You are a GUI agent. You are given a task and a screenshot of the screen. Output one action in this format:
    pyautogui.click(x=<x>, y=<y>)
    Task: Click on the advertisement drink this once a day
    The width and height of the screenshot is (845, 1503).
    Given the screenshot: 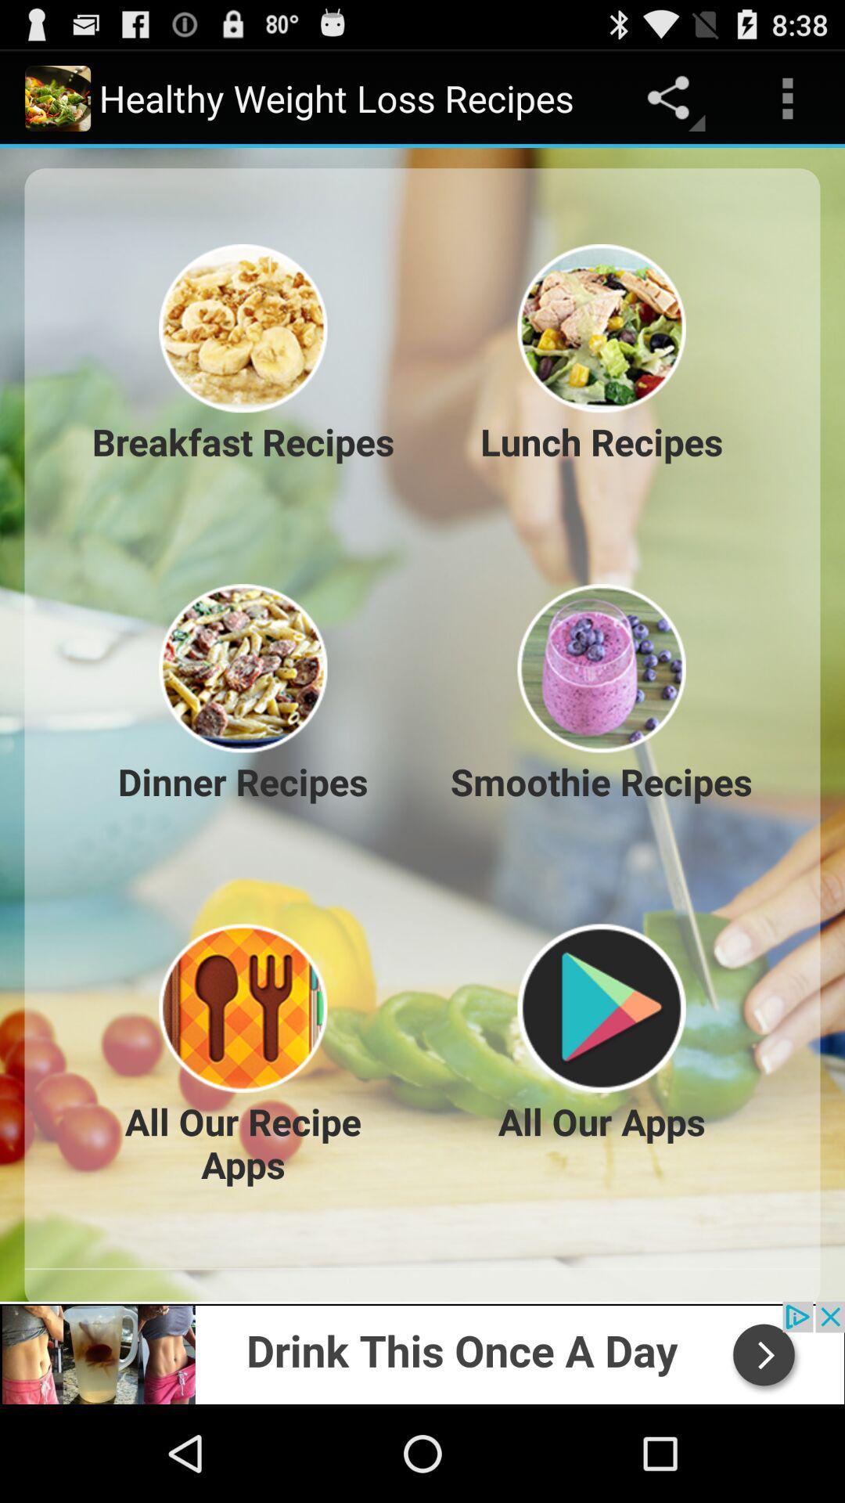 What is the action you would take?
    pyautogui.click(x=422, y=1352)
    